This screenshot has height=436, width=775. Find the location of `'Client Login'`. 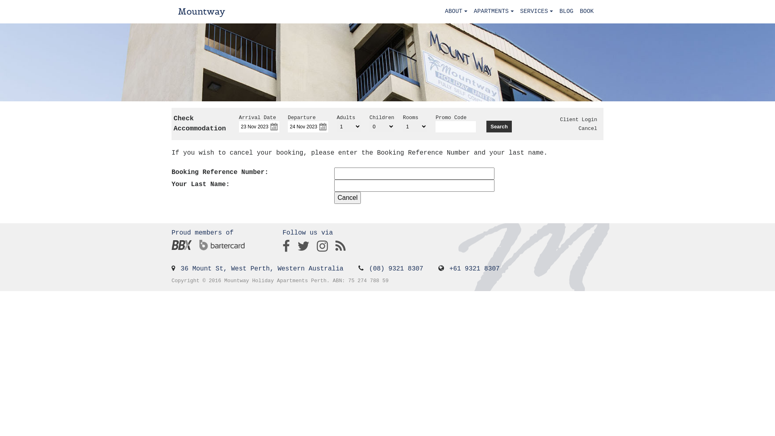

'Client Login' is located at coordinates (559, 119).